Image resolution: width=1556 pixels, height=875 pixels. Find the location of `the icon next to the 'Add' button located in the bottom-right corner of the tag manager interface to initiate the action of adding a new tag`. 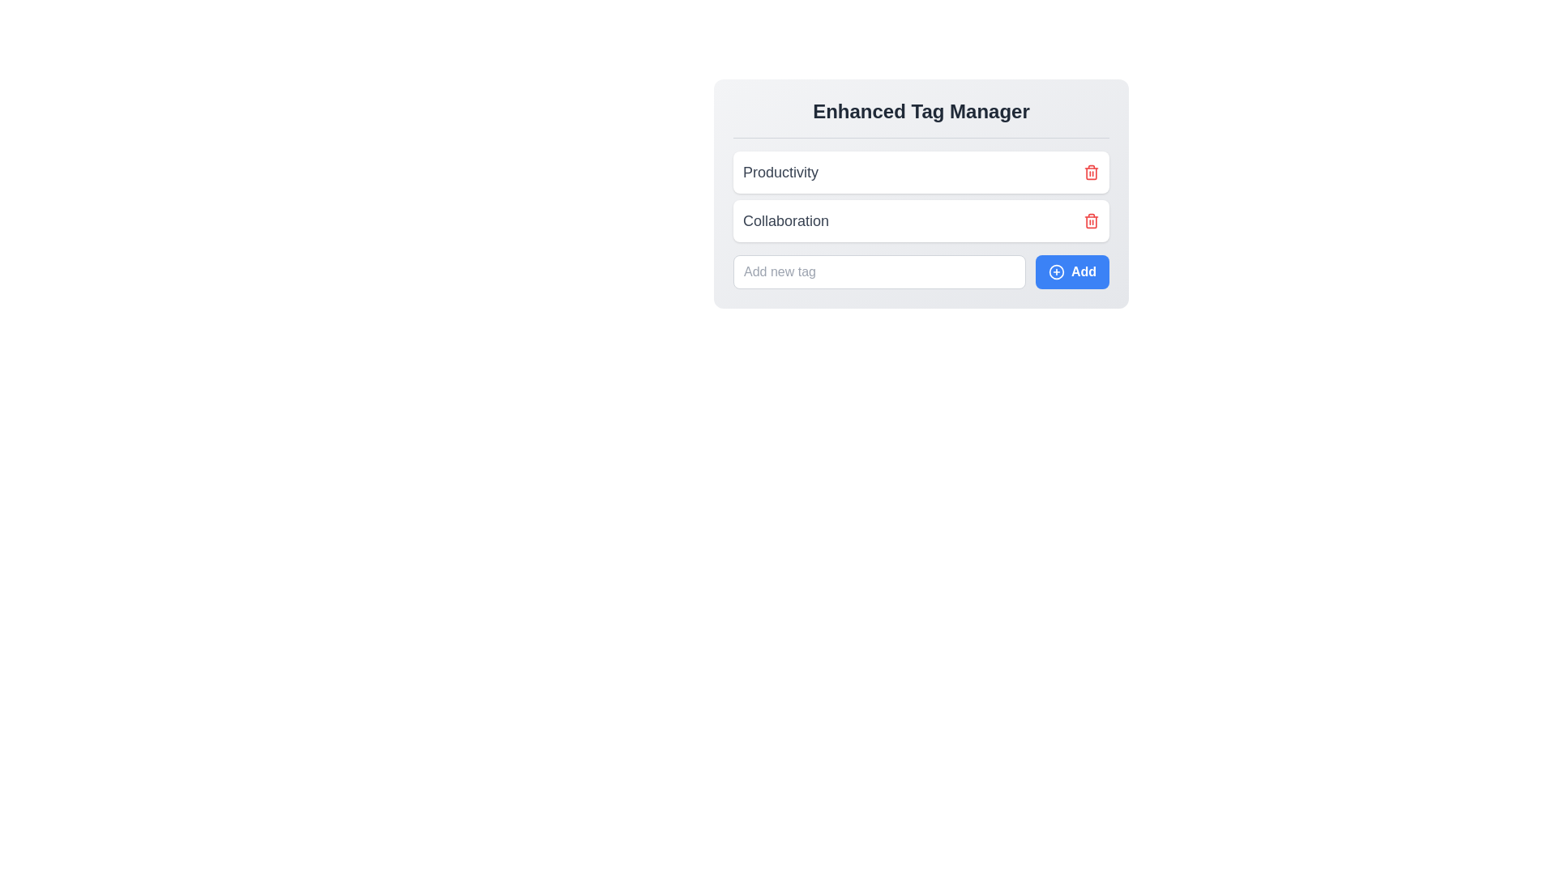

the icon next to the 'Add' button located in the bottom-right corner of the tag manager interface to initiate the action of adding a new tag is located at coordinates (1056, 271).